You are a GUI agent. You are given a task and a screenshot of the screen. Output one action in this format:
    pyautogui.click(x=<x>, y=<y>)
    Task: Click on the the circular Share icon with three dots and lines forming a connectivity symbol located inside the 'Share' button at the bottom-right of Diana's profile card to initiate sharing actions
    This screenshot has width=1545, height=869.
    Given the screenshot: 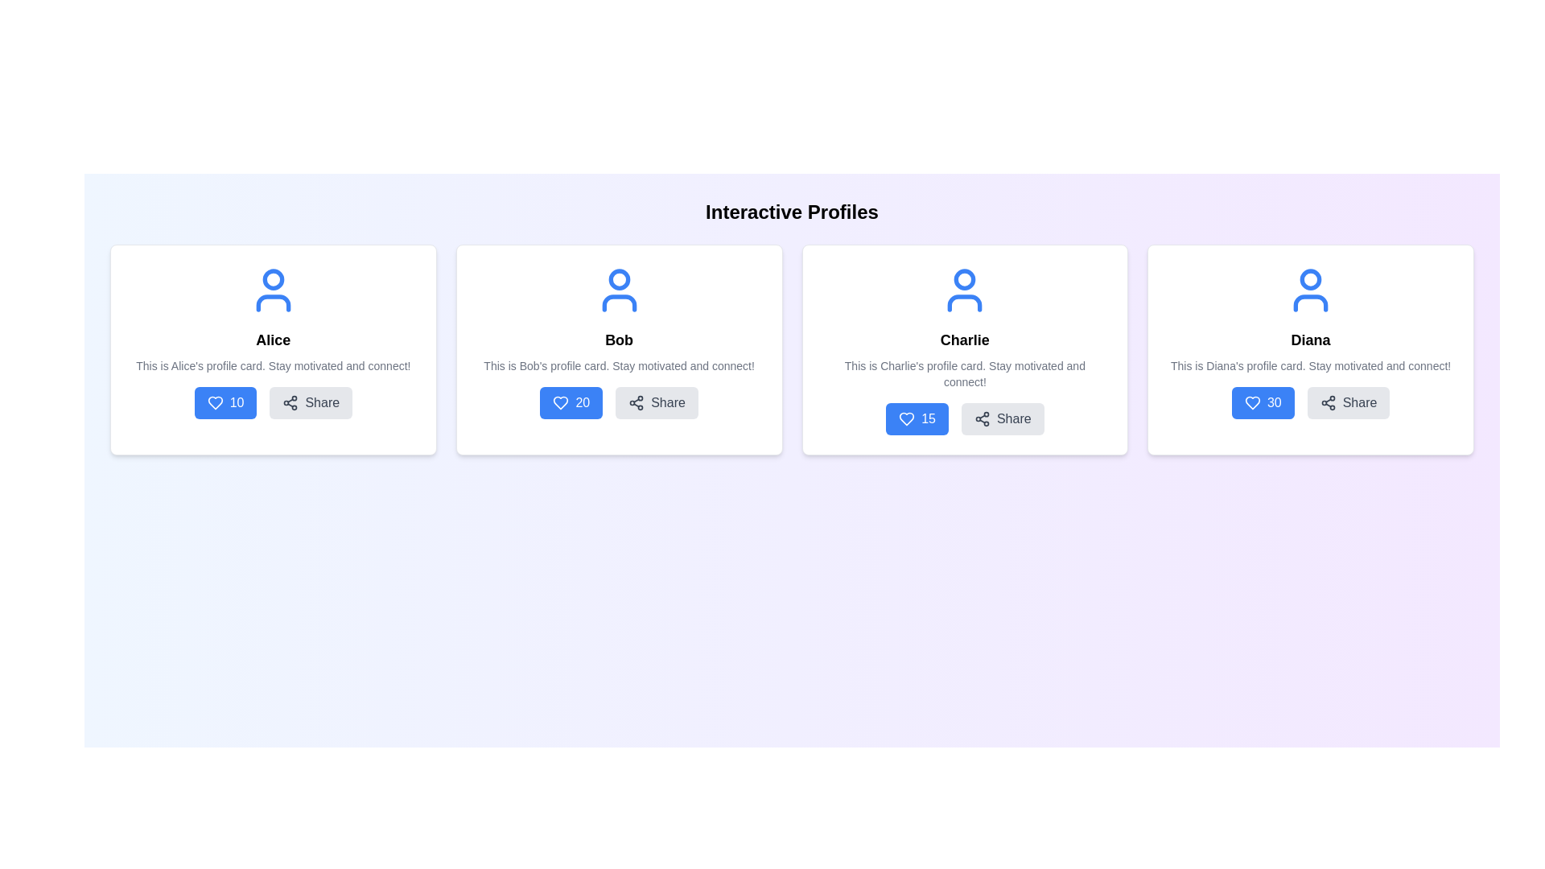 What is the action you would take?
    pyautogui.click(x=1328, y=402)
    